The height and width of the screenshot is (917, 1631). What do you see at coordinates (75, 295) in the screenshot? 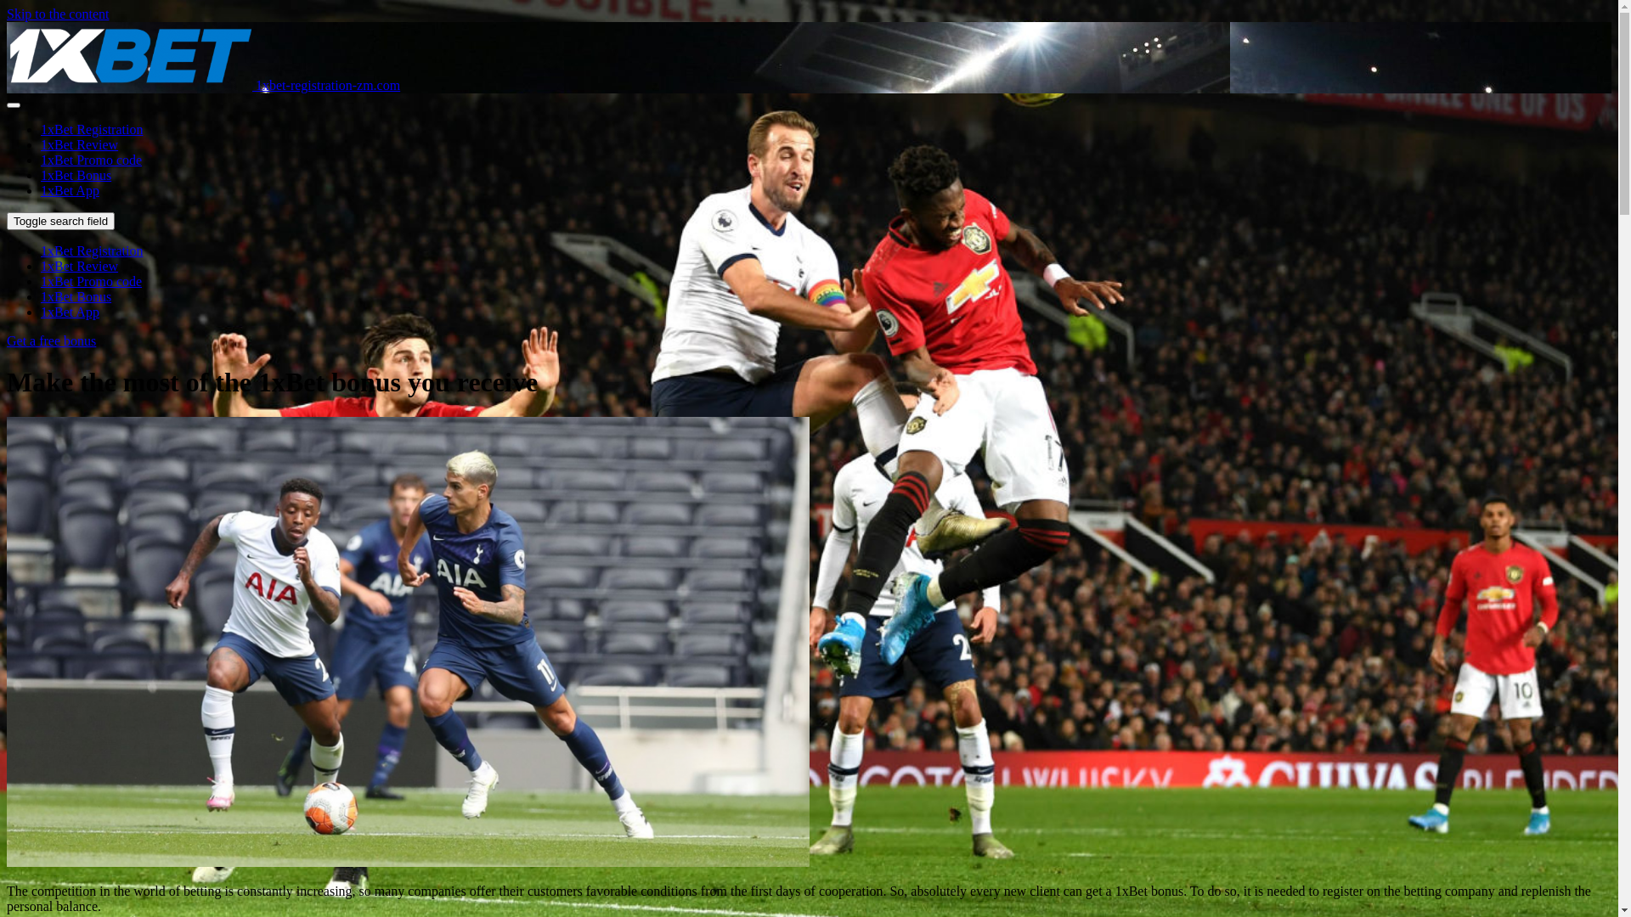
I see `'1xBet Bonus'` at bounding box center [75, 295].